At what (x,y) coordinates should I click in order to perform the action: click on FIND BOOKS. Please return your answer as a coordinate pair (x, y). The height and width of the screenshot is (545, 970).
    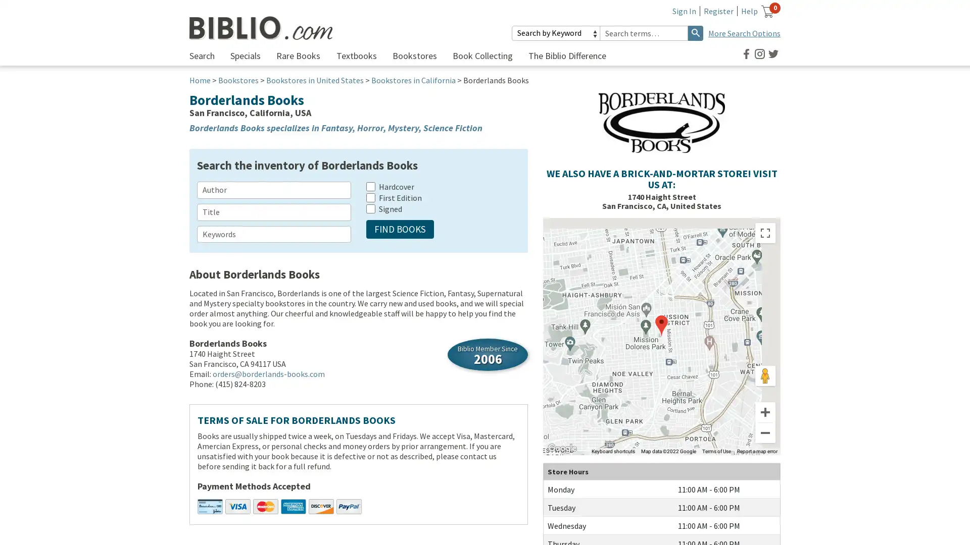
    Looking at the image, I should click on (400, 229).